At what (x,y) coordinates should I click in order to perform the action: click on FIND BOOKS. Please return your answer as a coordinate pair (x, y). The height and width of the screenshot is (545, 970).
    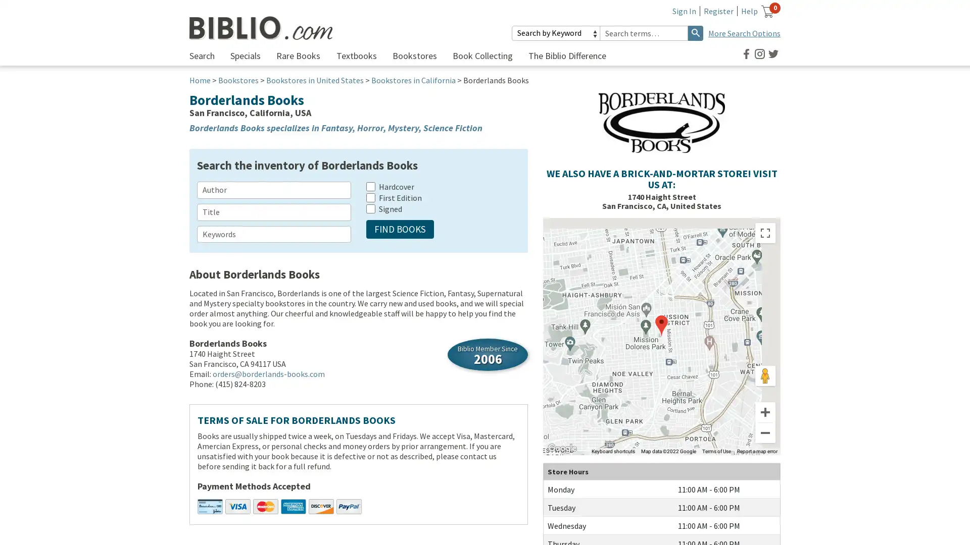
    Looking at the image, I should click on (400, 229).